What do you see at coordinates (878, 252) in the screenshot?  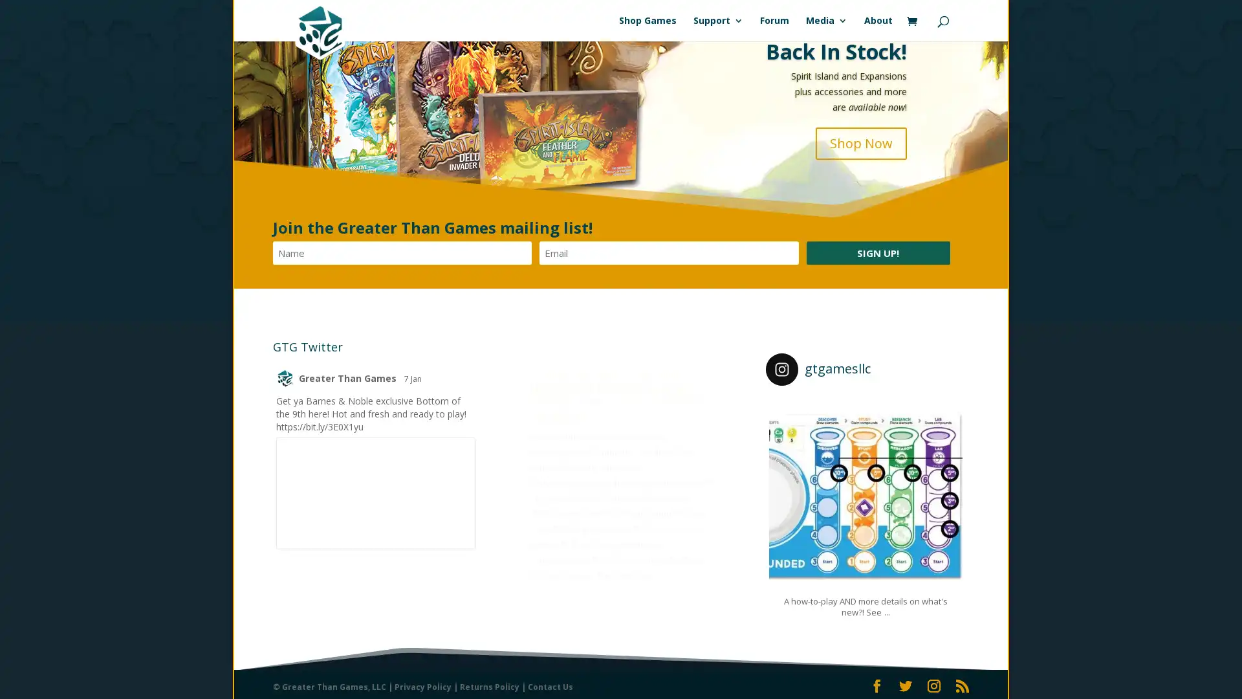 I see `Sign Up!` at bounding box center [878, 252].